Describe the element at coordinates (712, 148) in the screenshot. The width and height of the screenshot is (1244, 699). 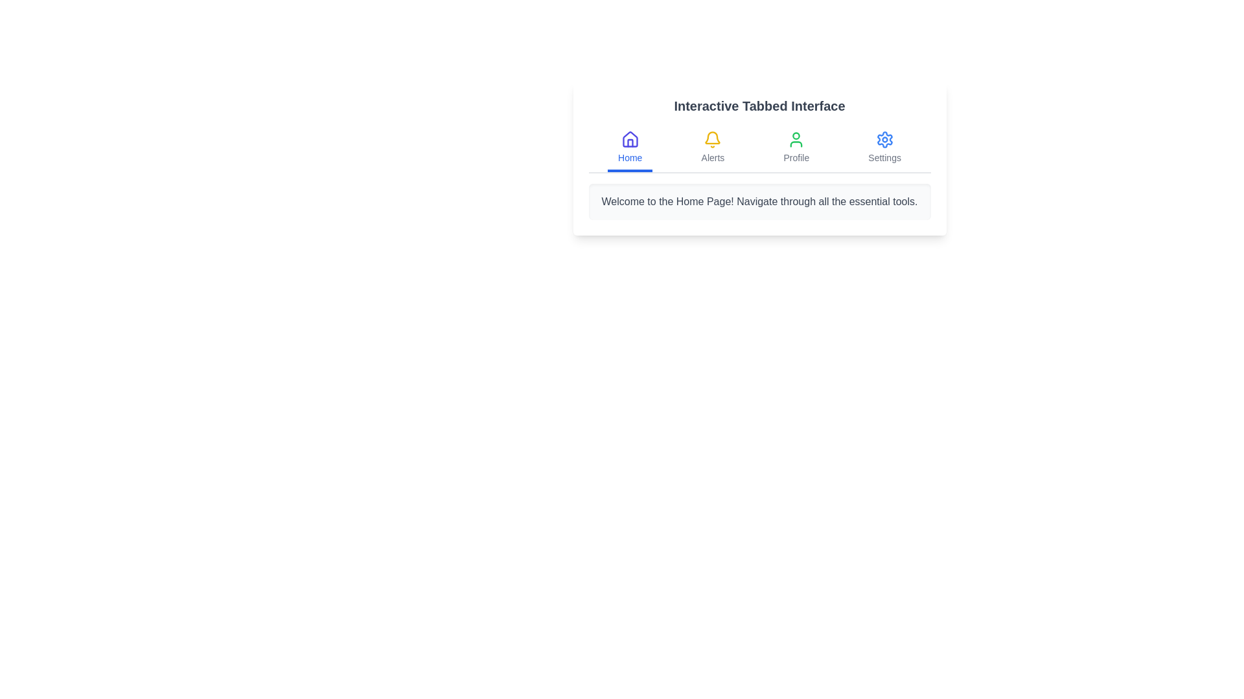
I see `the tab labeled Alerts` at that location.